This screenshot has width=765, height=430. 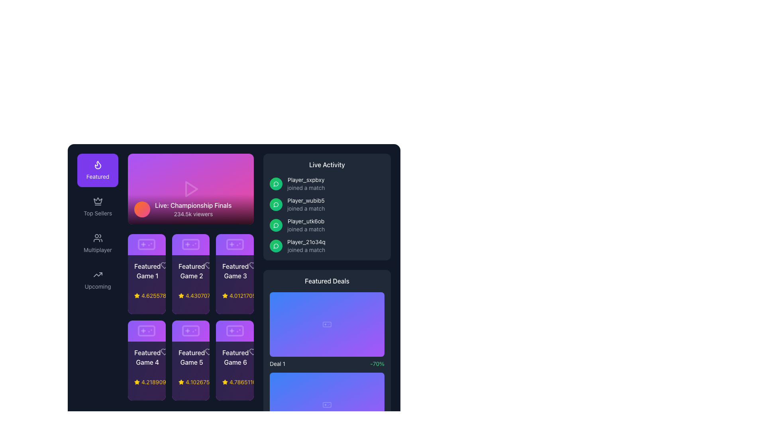 I want to click on the star icon representing the rating in the second tile labeled 'Featured Game 2', which indicates quality or preference as part of a rating system, so click(x=180, y=295).